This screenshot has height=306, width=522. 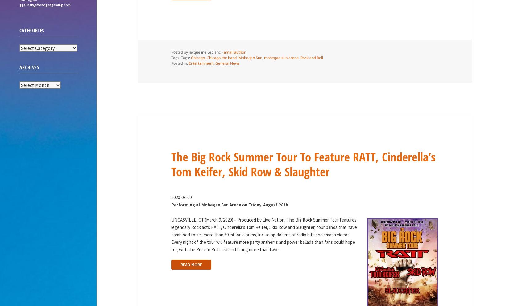 What do you see at coordinates (29, 67) in the screenshot?
I see `'Archives'` at bounding box center [29, 67].